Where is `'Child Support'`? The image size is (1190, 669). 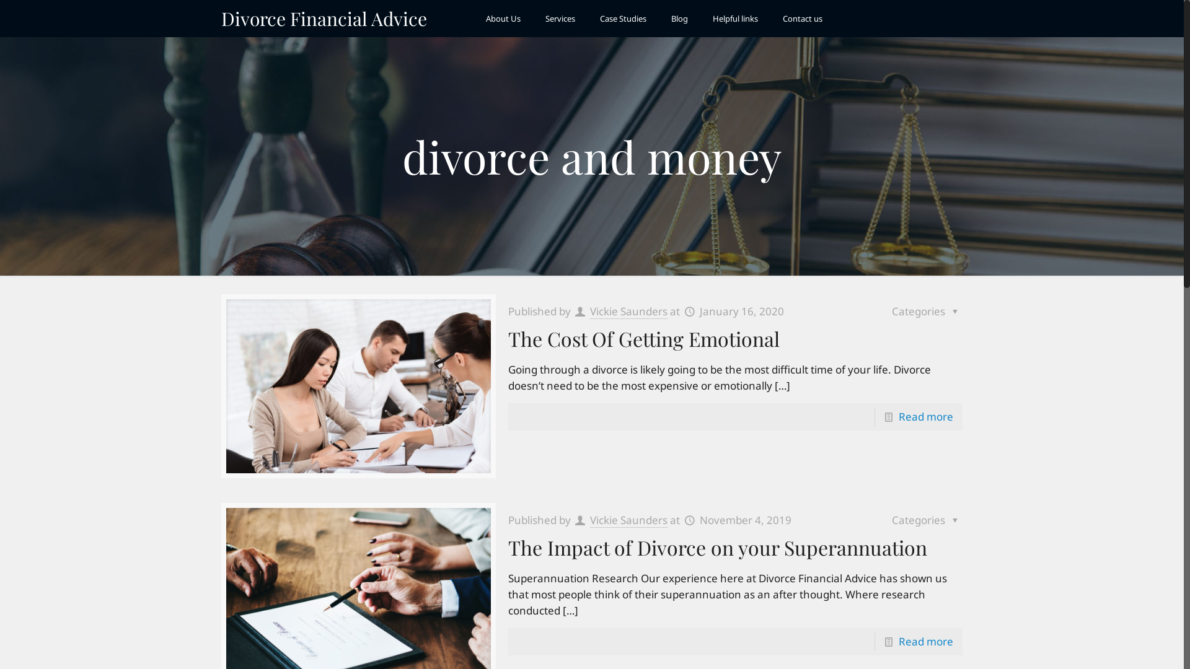 'Child Support' is located at coordinates (619, 471).